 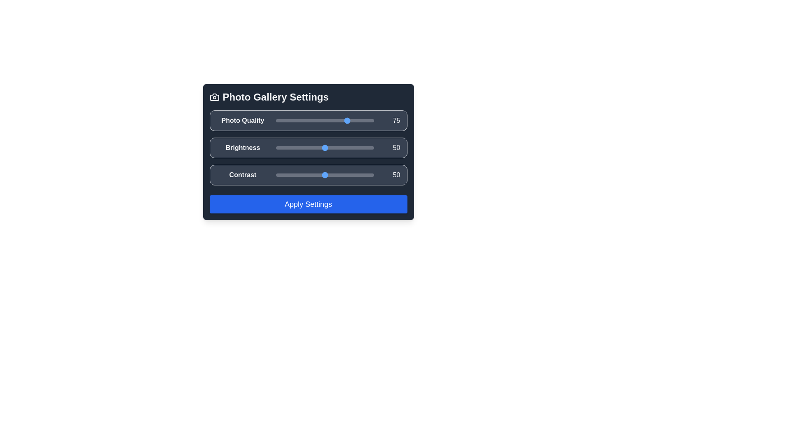 What do you see at coordinates (308, 204) in the screenshot?
I see `the 'Apply Settings' button with a blue background and white text, located at the bottom of the 'Photo Gallery Settings' section` at bounding box center [308, 204].